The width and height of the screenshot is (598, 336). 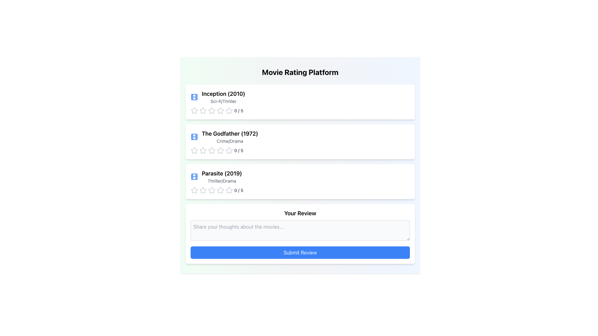 What do you see at coordinates (194, 110) in the screenshot?
I see `the first hollow star icon to assign a one-star rating for the movie 'Inception (2010)'` at bounding box center [194, 110].